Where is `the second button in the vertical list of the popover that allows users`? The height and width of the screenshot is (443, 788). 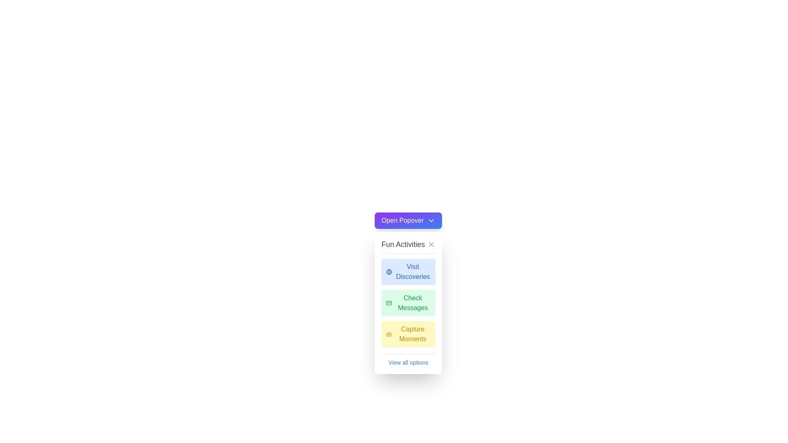
the second button in the vertical list of the popover that allows users is located at coordinates (408, 303).